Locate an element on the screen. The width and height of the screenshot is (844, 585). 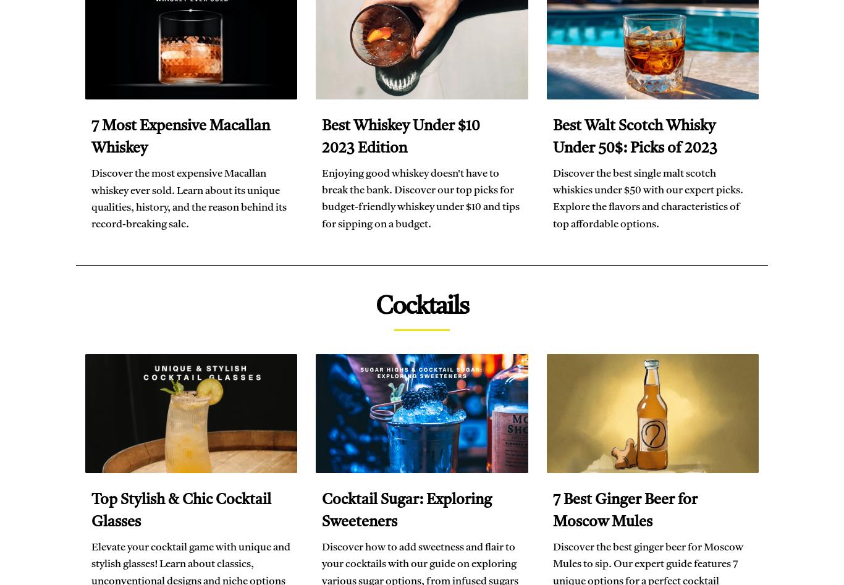
'Discover the best single malt scotch whiskies under $50 with our expert picks. Explore the flavors and characteristics of top affordable options.' is located at coordinates (646, 198).